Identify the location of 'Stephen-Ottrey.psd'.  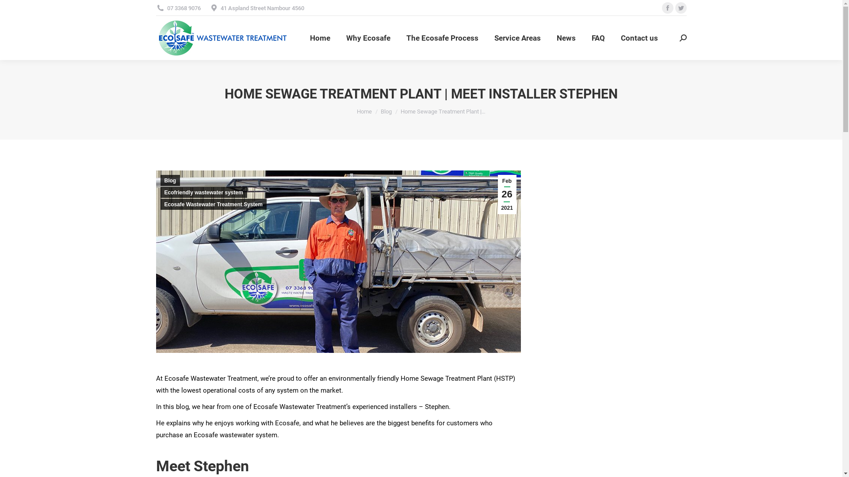
(155, 261).